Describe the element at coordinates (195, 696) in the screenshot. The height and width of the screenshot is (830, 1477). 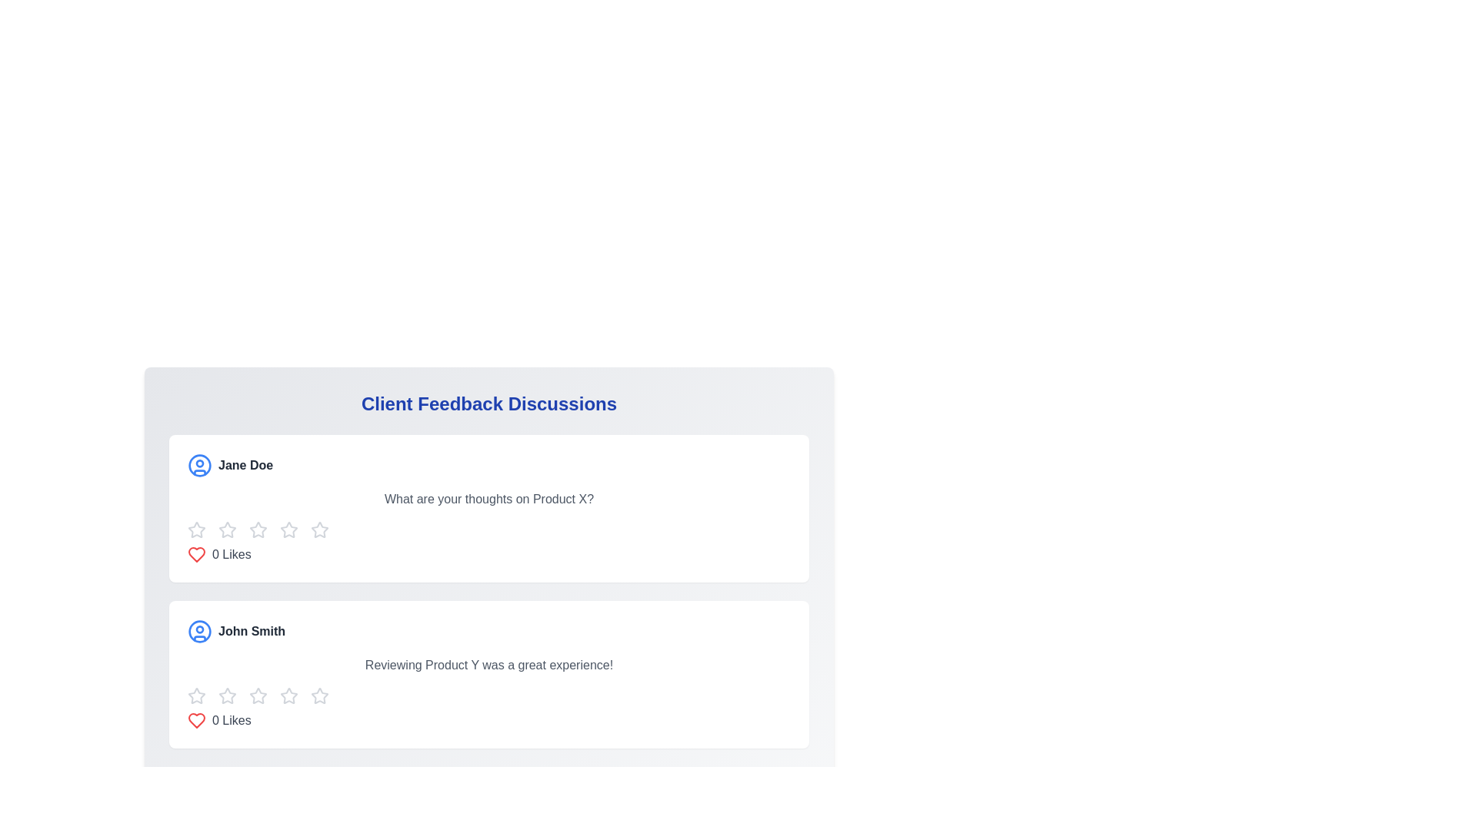
I see `the first rating star icon, which has a gray outline and is part of the rating component in the second feedback card for user 'John Smith'` at that location.